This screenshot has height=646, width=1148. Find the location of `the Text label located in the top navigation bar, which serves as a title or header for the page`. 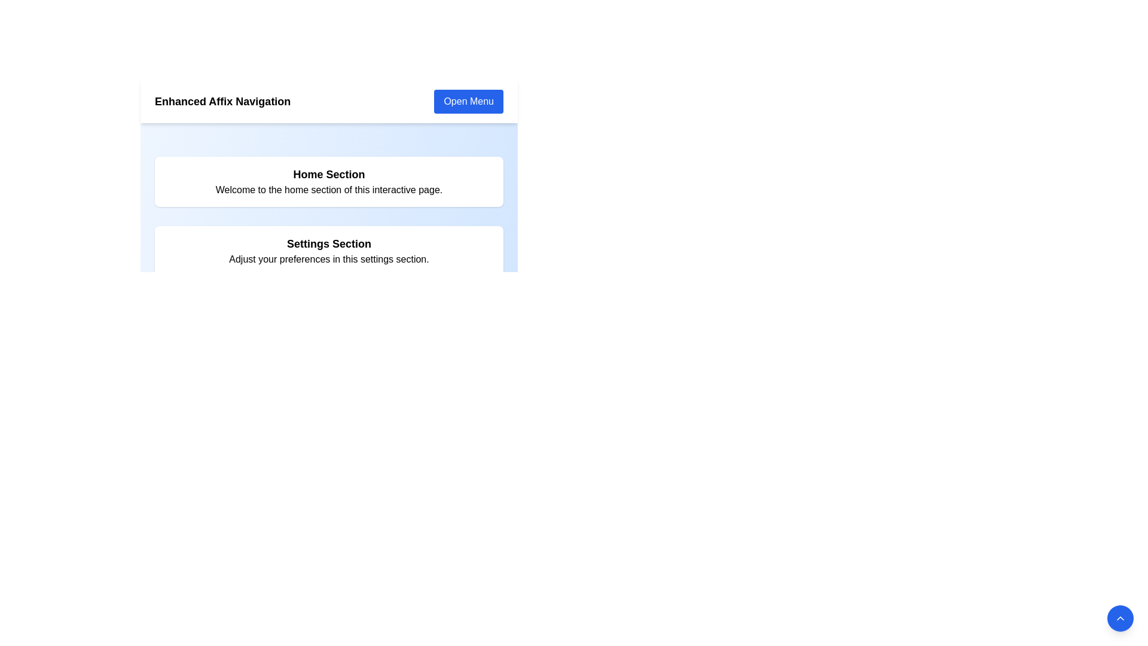

the Text label located in the top navigation bar, which serves as a title or header for the page is located at coordinates (222, 100).